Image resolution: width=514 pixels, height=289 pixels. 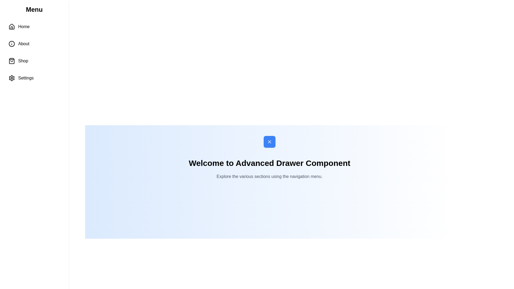 What do you see at coordinates (12, 78) in the screenshot?
I see `the gear-like icon in the vertical navigation menu on the left side of the interface` at bounding box center [12, 78].